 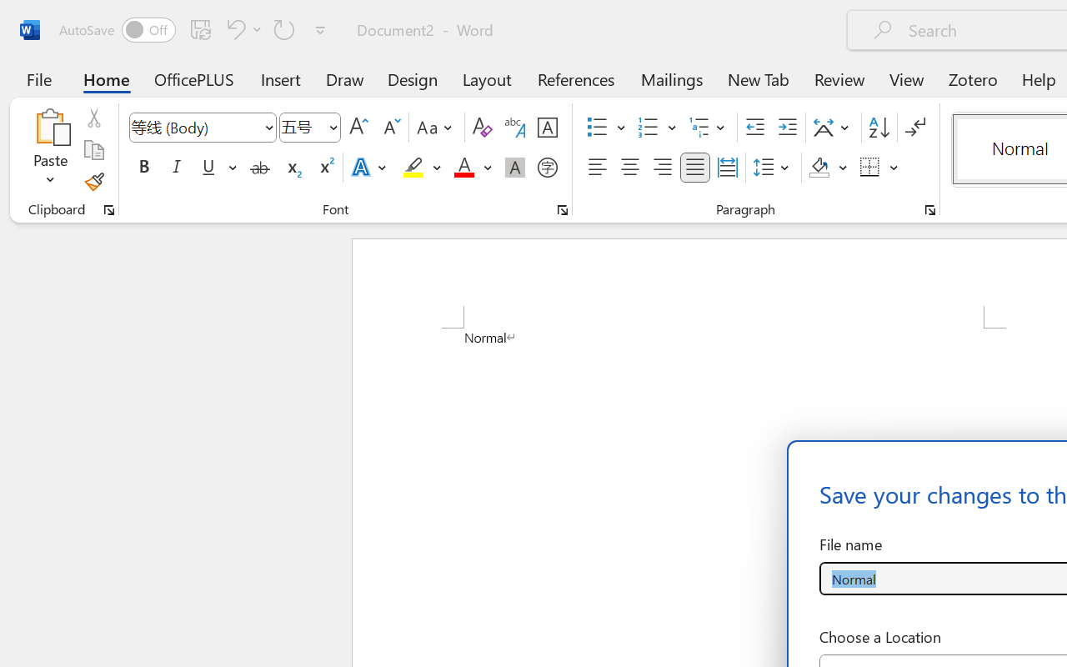 I want to click on 'Font', so click(x=195, y=127).